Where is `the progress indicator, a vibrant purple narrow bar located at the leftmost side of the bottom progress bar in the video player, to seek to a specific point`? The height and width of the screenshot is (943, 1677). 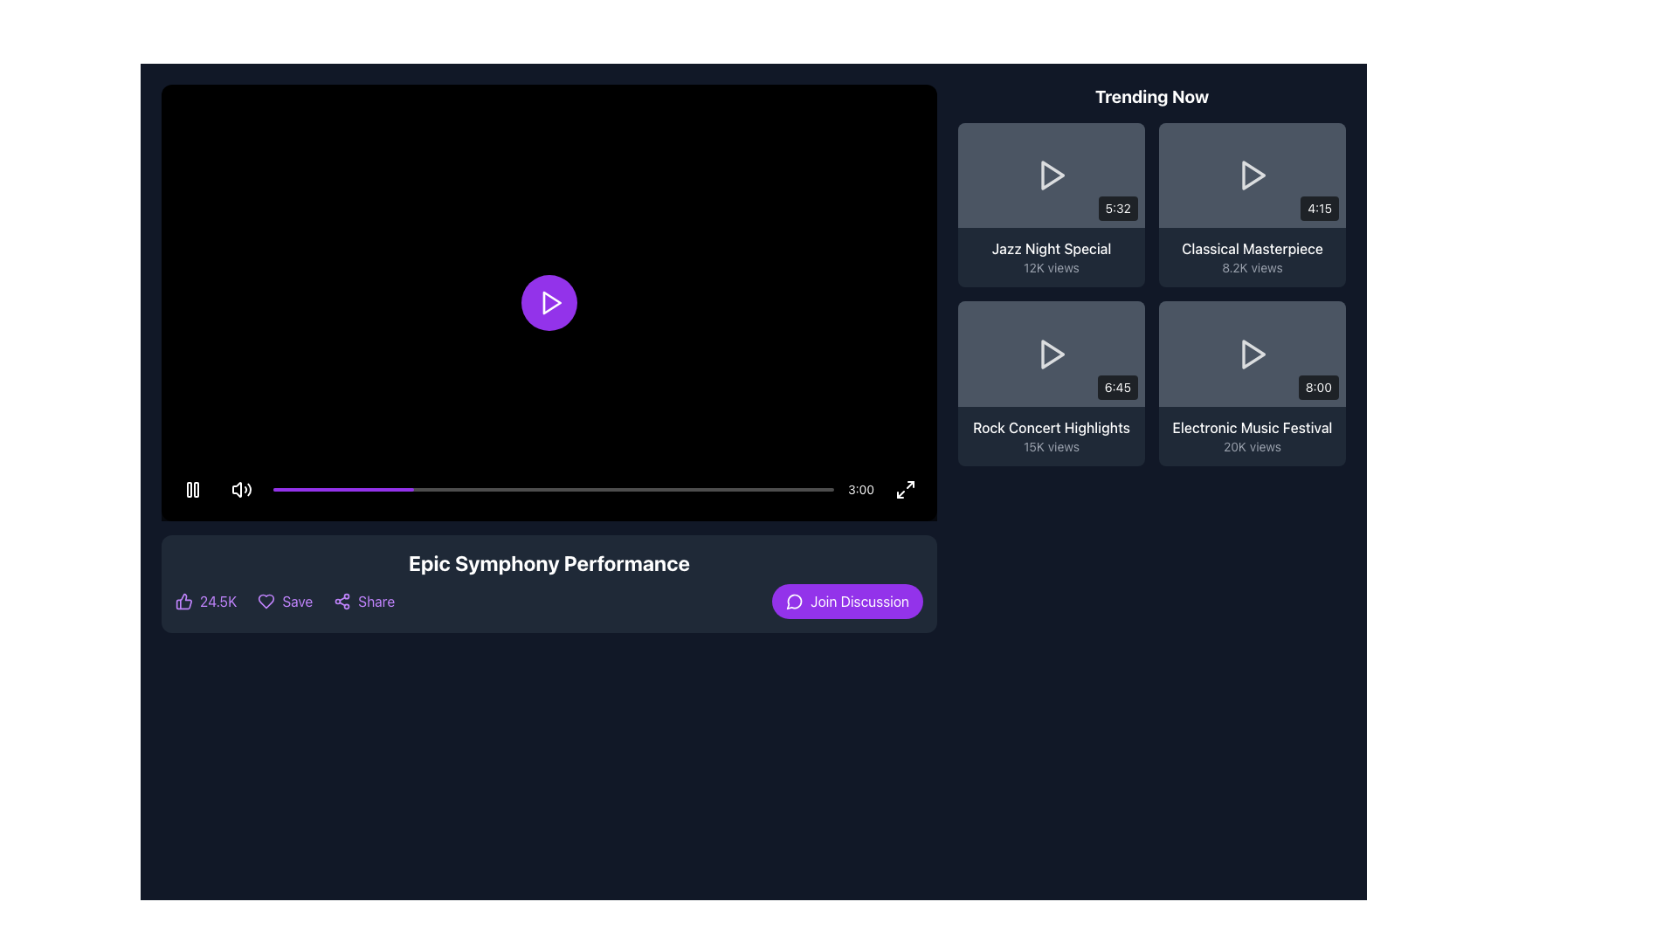 the progress indicator, a vibrant purple narrow bar located at the leftmost side of the bottom progress bar in the video player, to seek to a specific point is located at coordinates (343, 489).